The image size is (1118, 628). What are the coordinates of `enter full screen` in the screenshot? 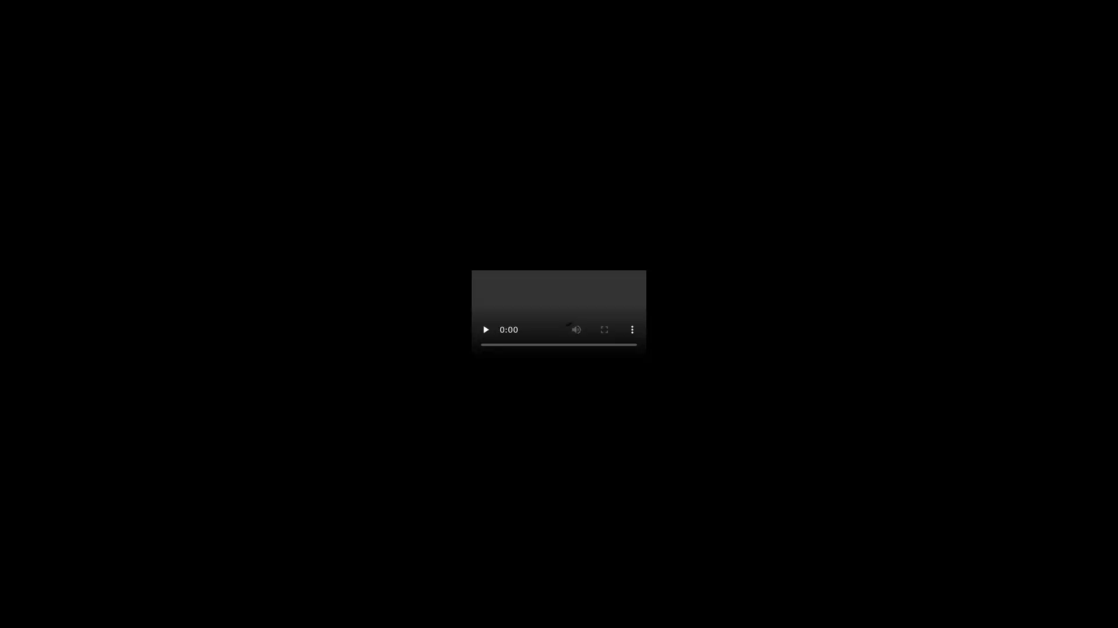 It's located at (604, 330).